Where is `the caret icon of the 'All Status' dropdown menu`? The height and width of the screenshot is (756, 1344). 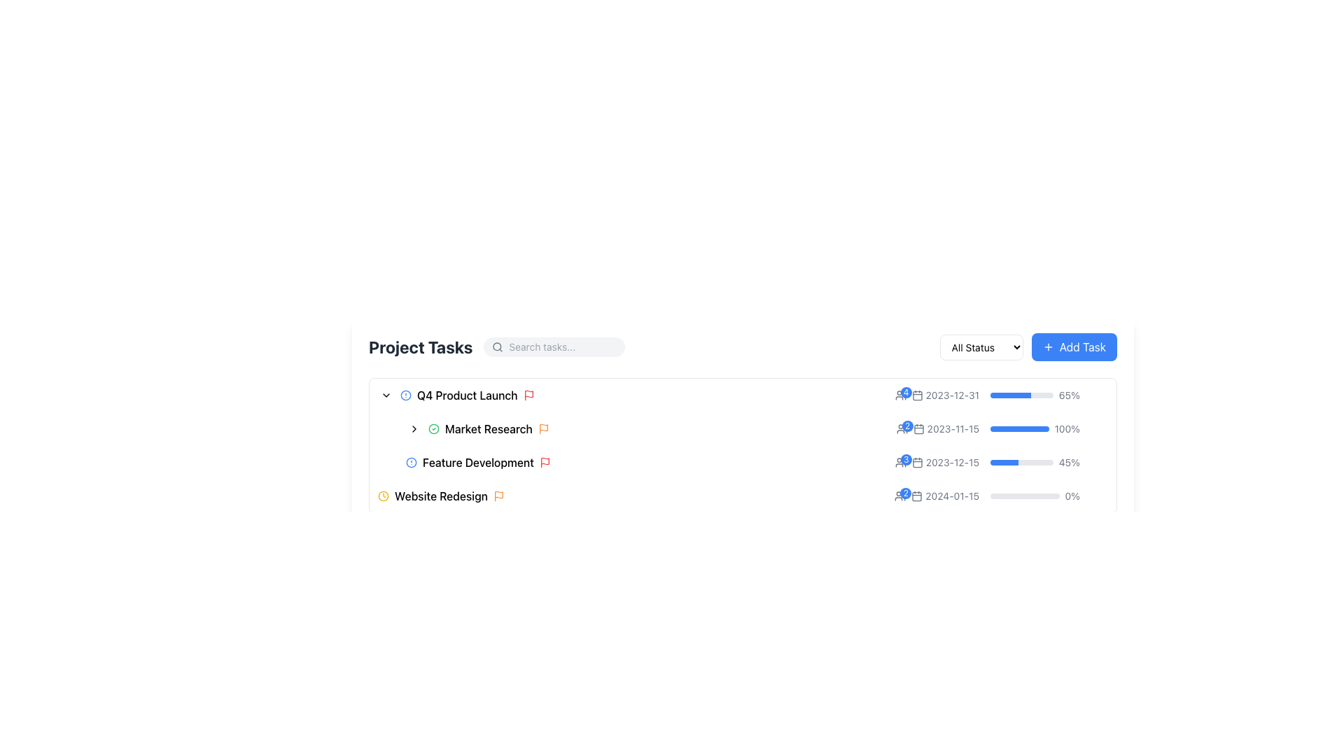
the caret icon of the 'All Status' dropdown menu is located at coordinates (981, 346).